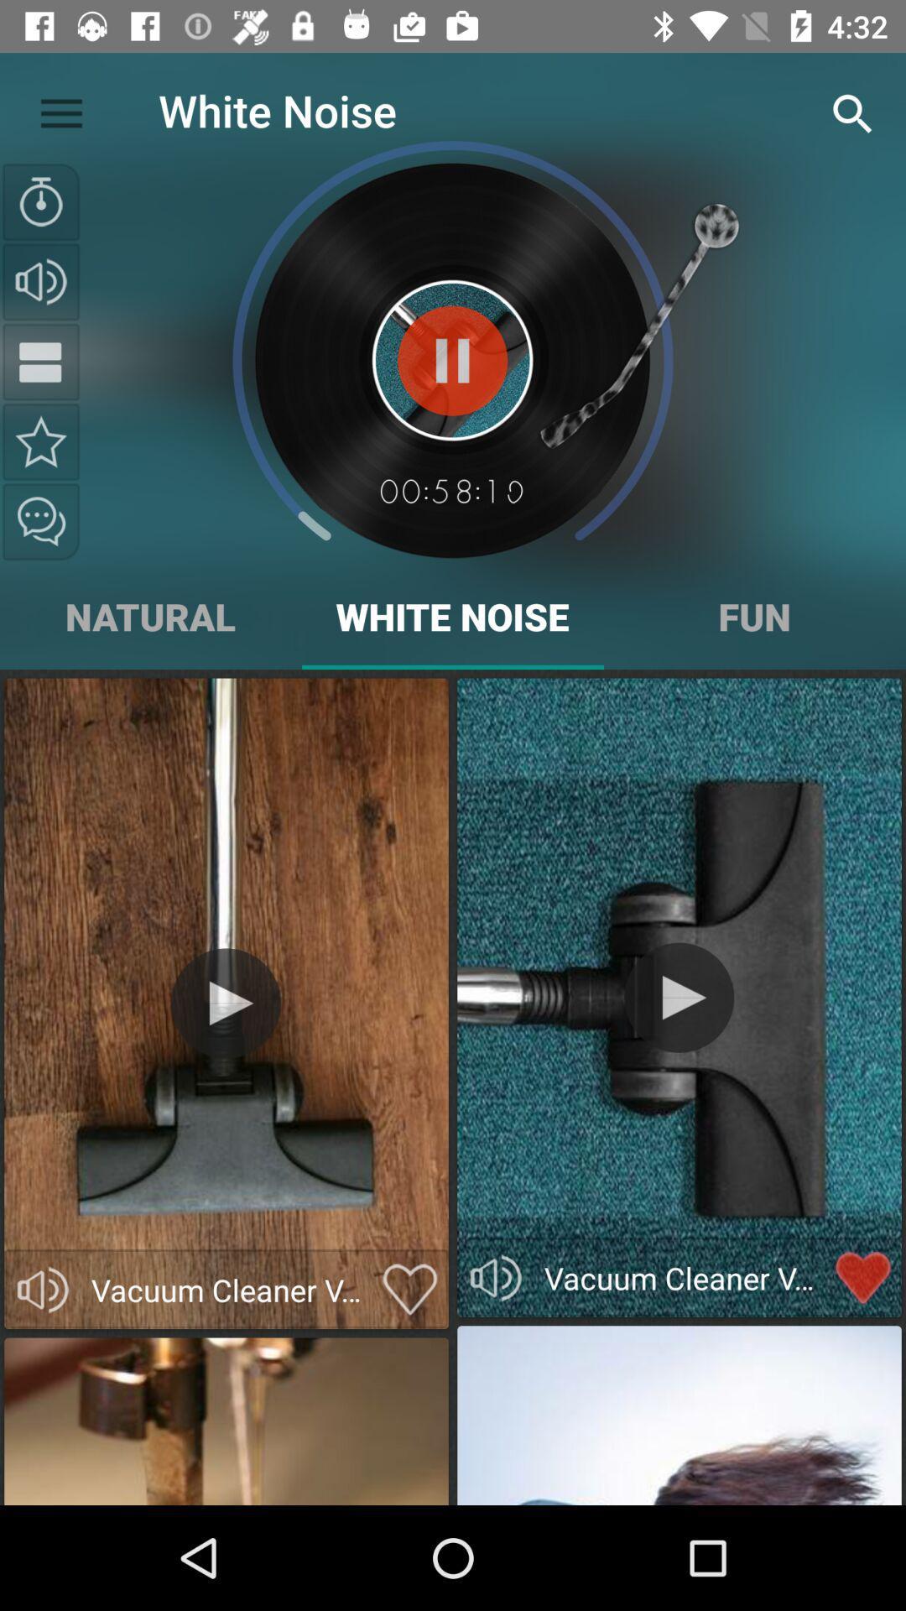 This screenshot has height=1611, width=906. Describe the element at coordinates (40, 201) in the screenshot. I see `set timer` at that location.